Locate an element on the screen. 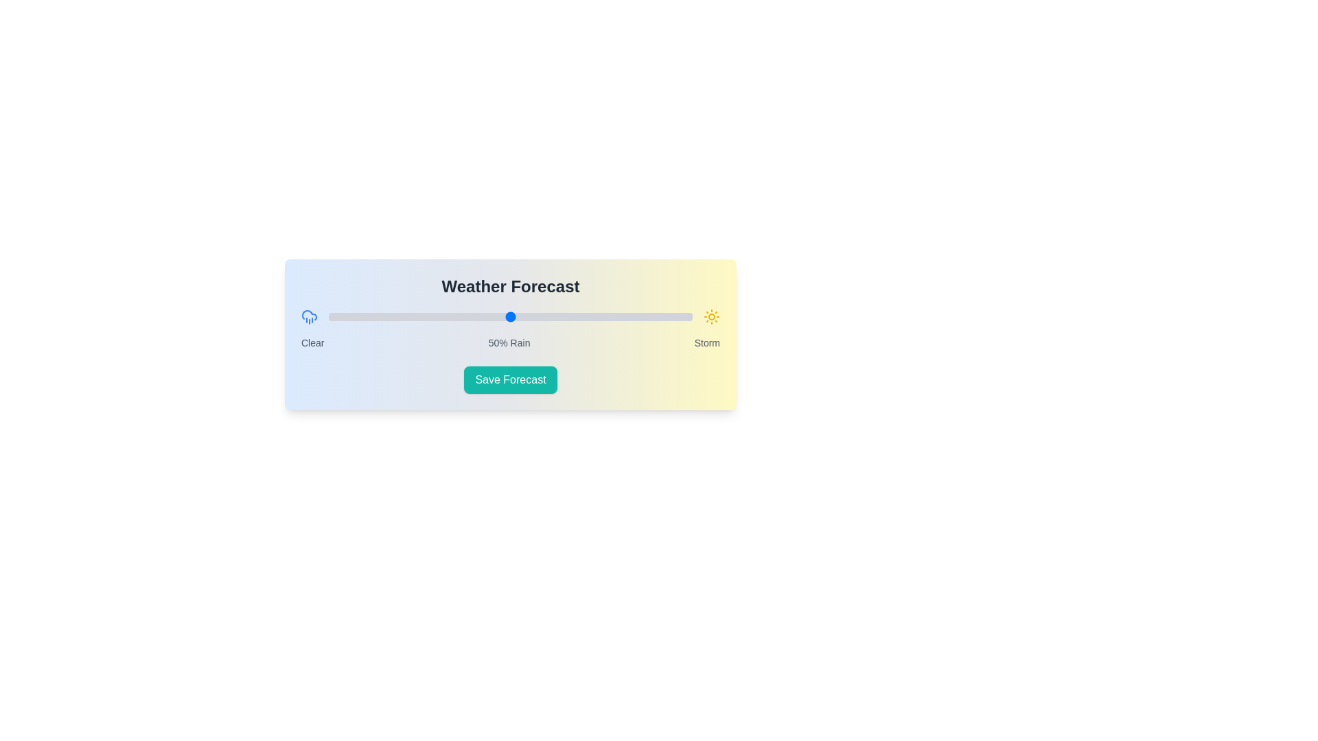 This screenshot has height=741, width=1318. 'Save Forecast' button to save the current settings is located at coordinates (510, 380).